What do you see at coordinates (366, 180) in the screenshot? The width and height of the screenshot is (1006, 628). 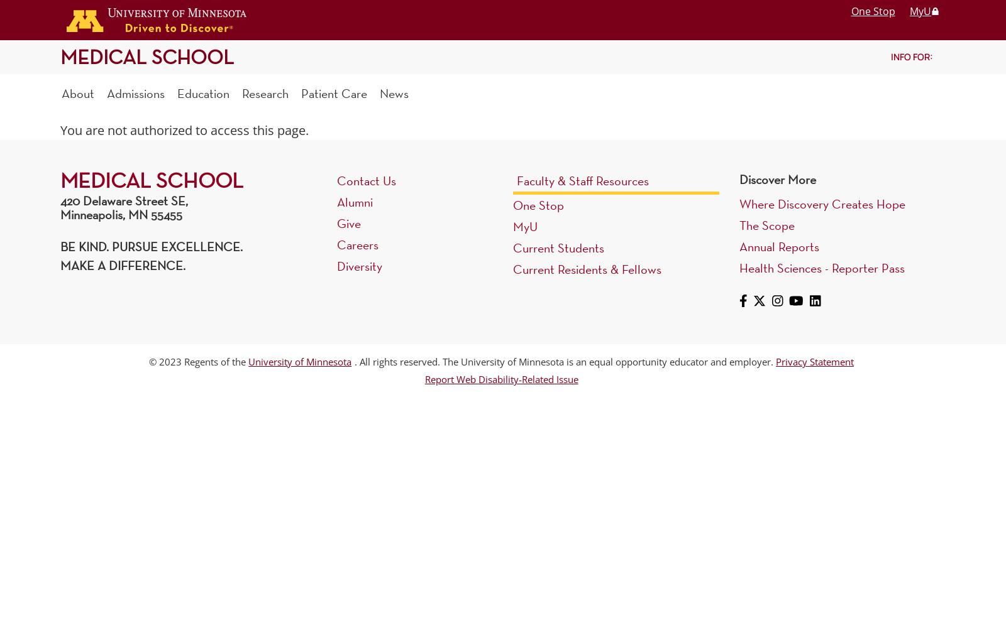 I see `'Contact Us'` at bounding box center [366, 180].